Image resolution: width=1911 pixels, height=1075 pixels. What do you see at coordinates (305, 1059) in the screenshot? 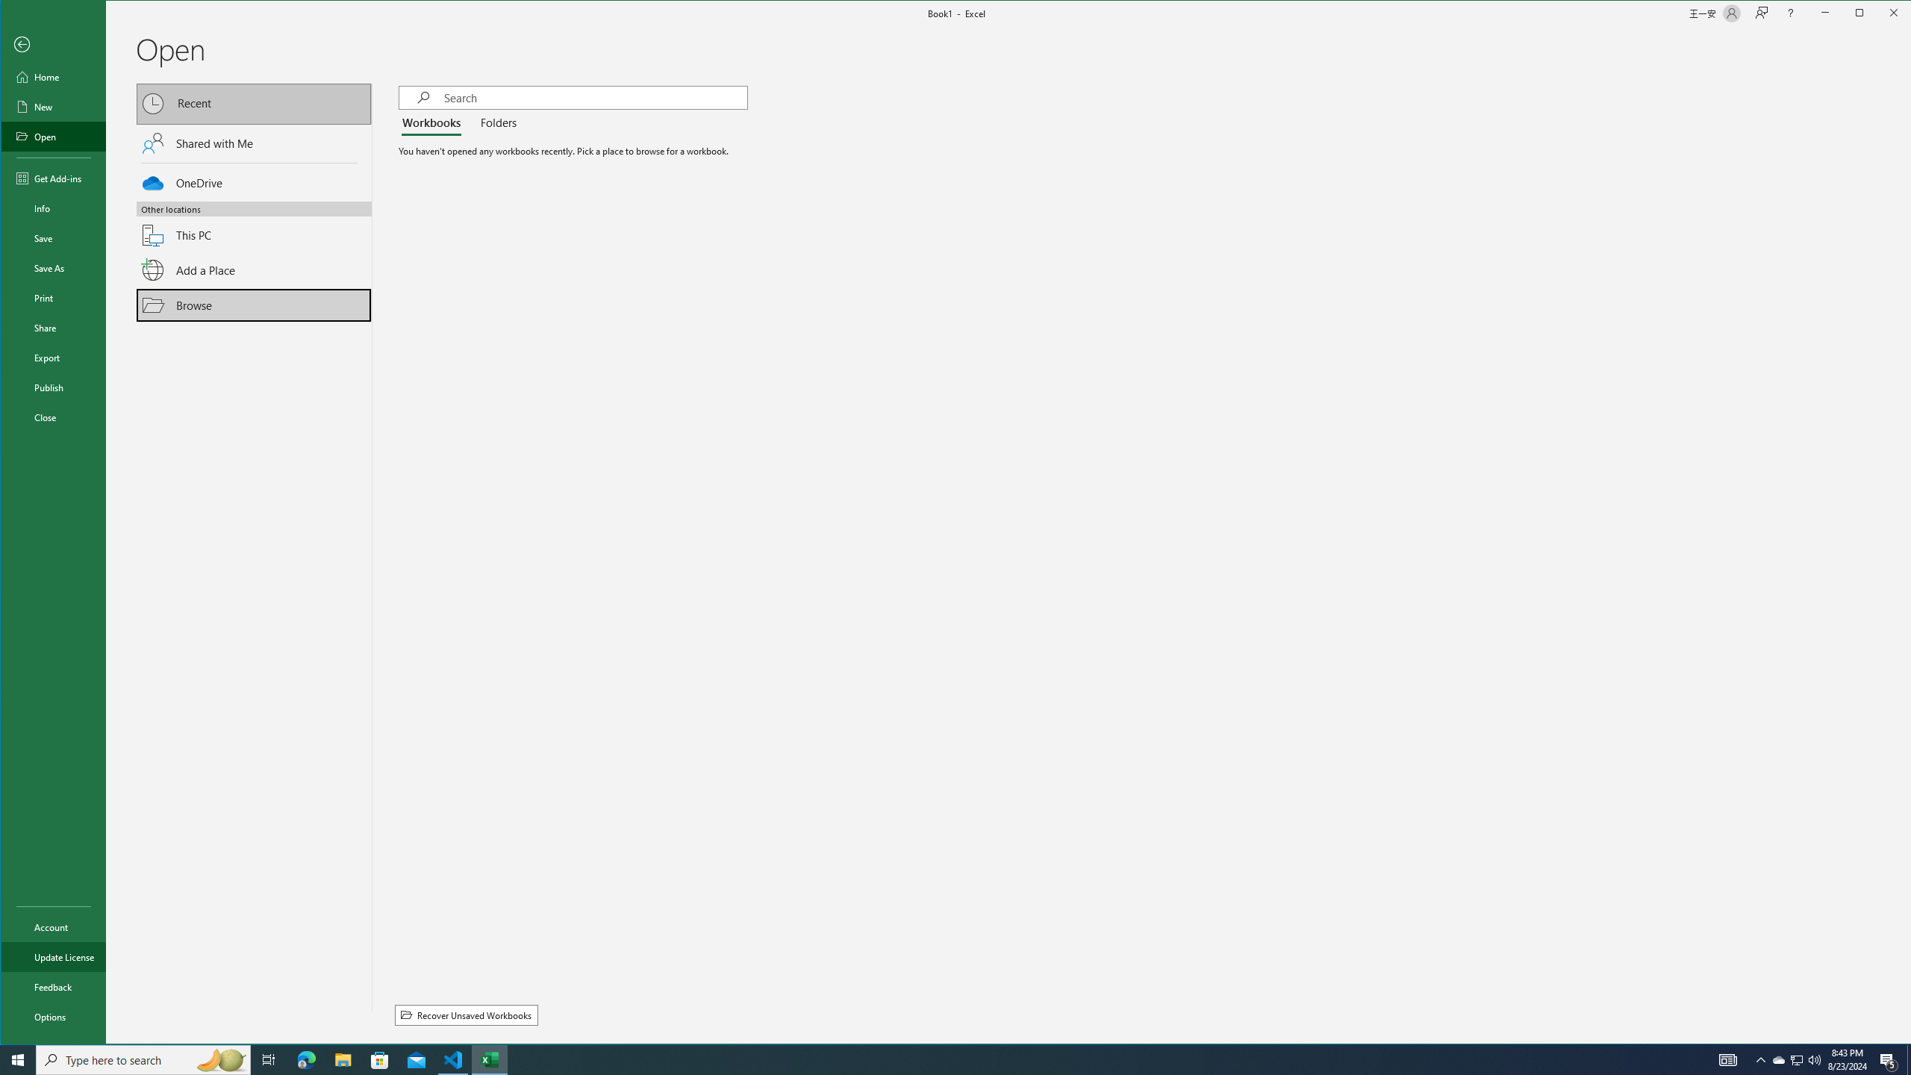
I see `'Microsoft Edge'` at bounding box center [305, 1059].